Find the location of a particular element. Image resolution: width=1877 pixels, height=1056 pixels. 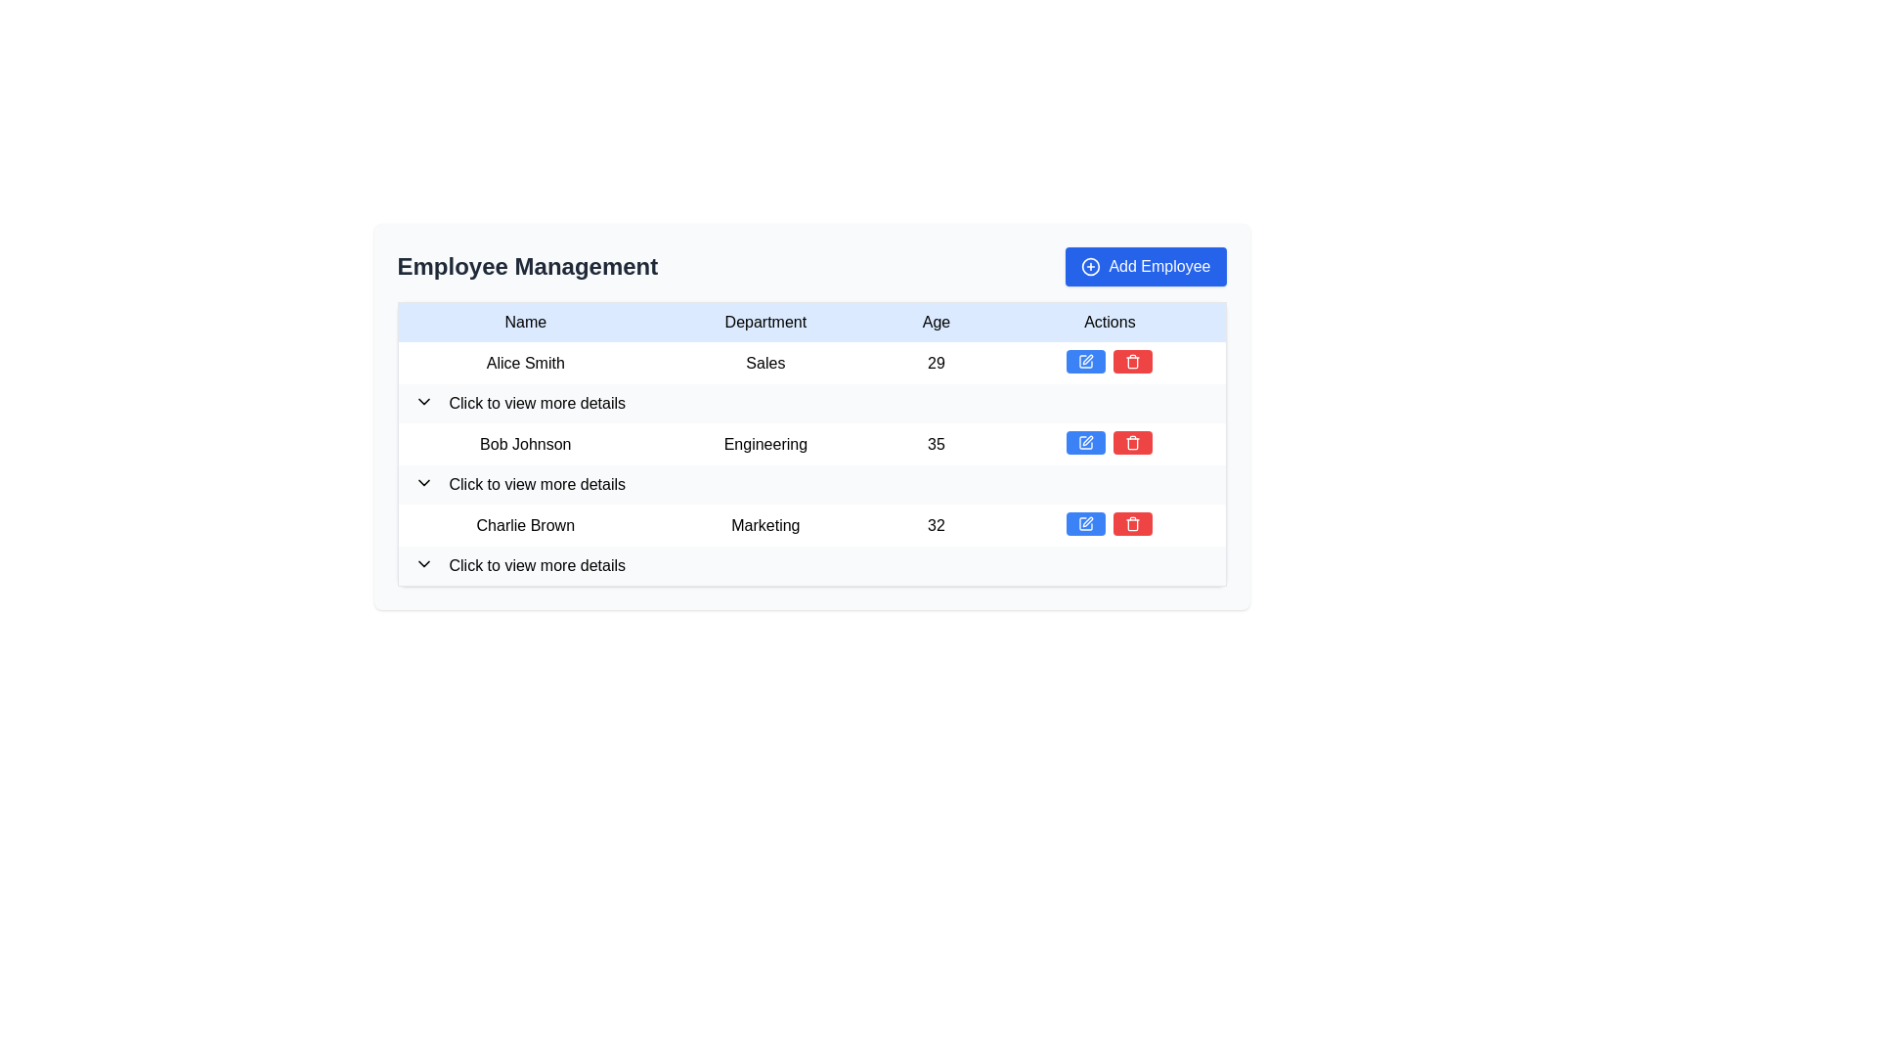

the 'Sales' text label, which is the second column in the first row for 'Alice Smith' under the 'Department' column is located at coordinates (764, 363).